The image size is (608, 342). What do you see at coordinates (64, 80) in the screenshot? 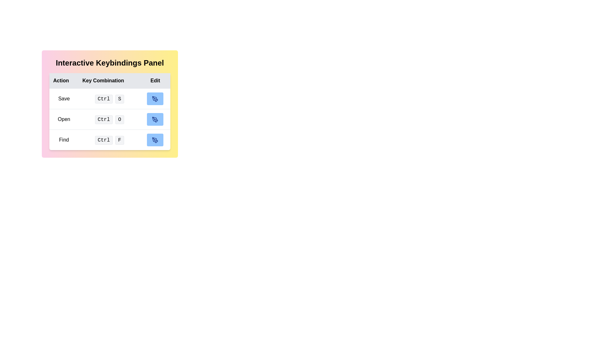
I see `the label at the far left of the first column in the table layout, which specifies that the content below pertains to actions` at bounding box center [64, 80].